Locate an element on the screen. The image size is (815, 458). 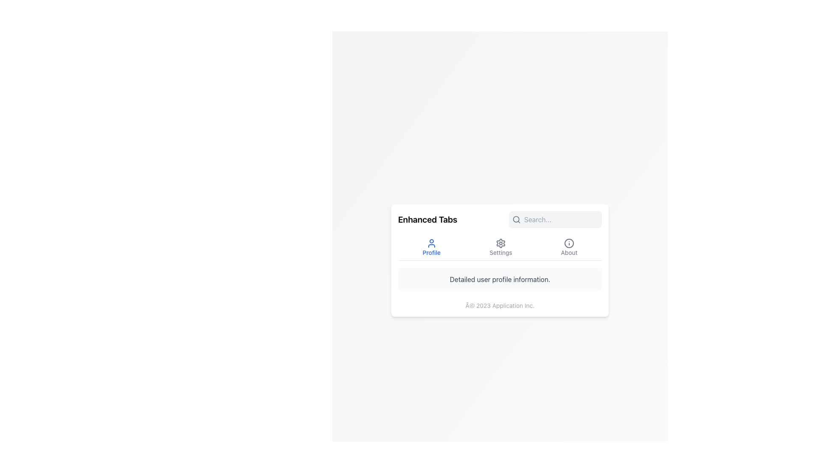
the 'Settings' button, which features a gear icon and small gray text is located at coordinates (500, 247).